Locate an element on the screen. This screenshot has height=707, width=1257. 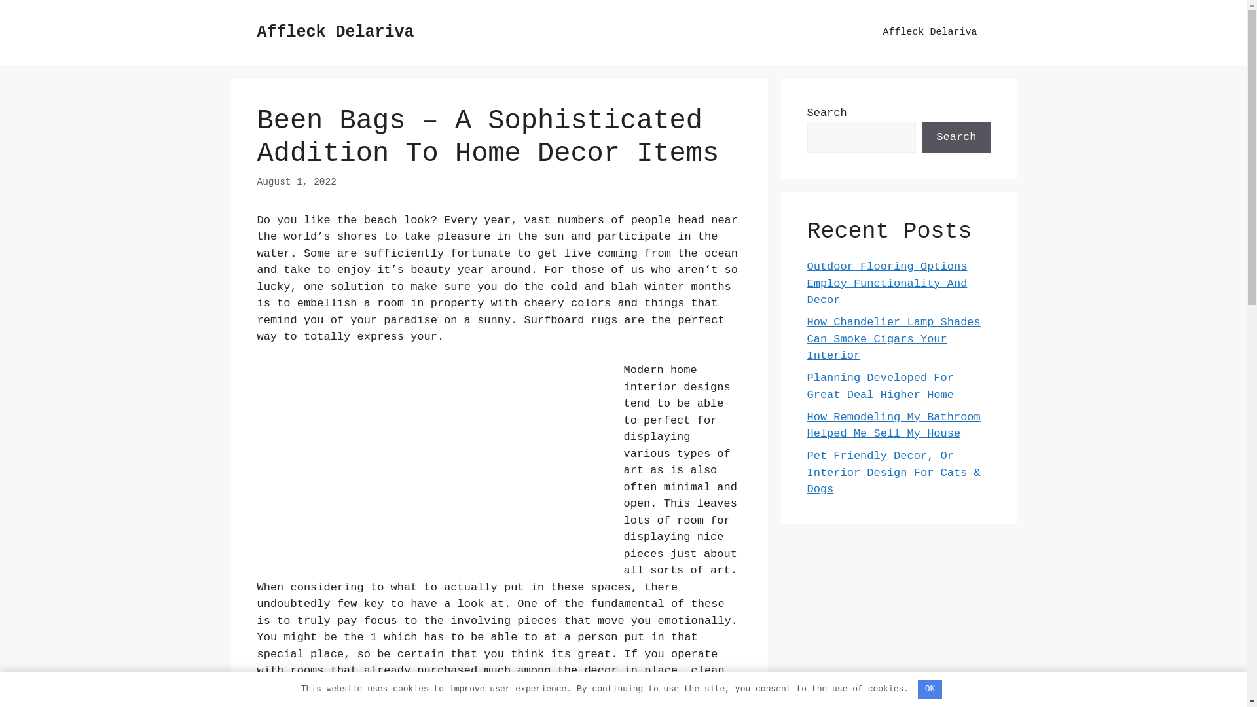
'Outdoor Flooring Options Employ Functionality And Decor' is located at coordinates (886, 282).